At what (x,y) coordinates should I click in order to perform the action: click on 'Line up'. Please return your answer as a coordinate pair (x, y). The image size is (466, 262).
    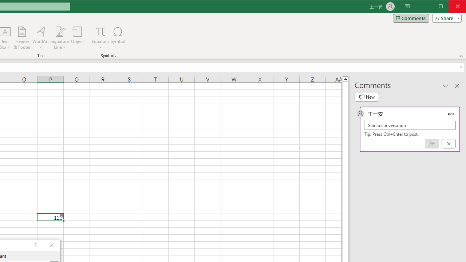
    Looking at the image, I should click on (345, 79).